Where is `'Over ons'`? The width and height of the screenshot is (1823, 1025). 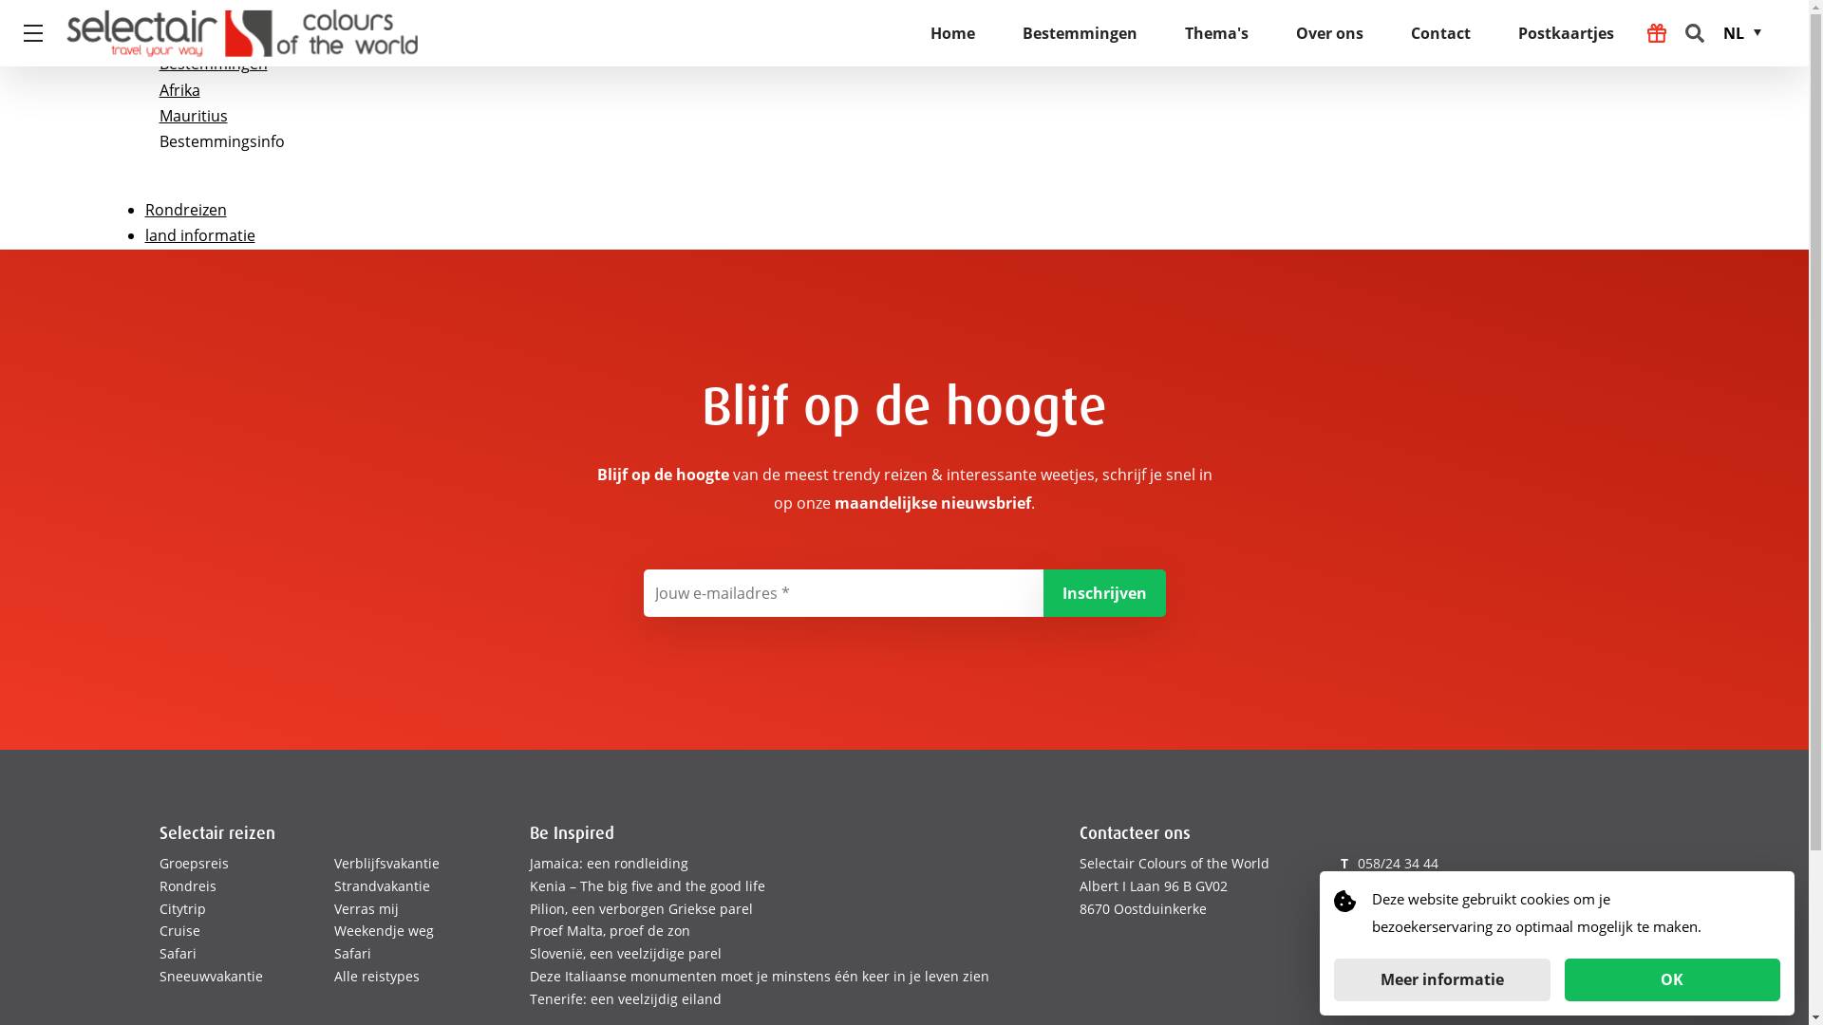 'Over ons' is located at coordinates (1328, 32).